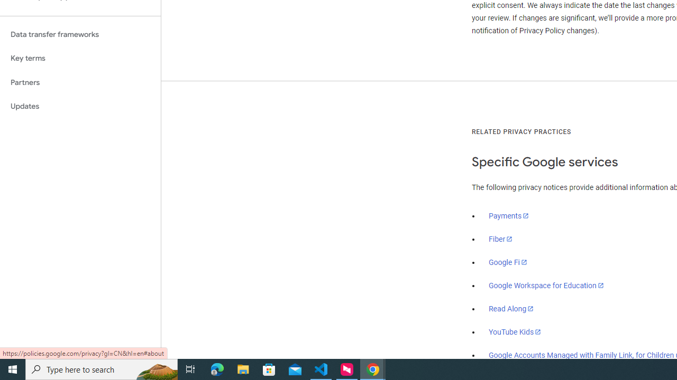 This screenshot has height=380, width=677. Describe the element at coordinates (508, 262) in the screenshot. I see `'Google Fi'` at that location.